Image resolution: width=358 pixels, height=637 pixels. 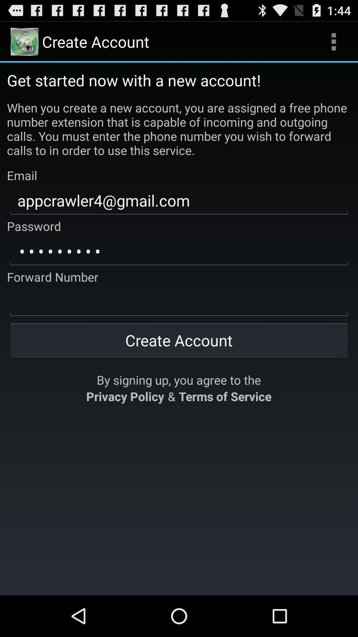 What do you see at coordinates (179, 302) in the screenshot?
I see `dialog box` at bounding box center [179, 302].